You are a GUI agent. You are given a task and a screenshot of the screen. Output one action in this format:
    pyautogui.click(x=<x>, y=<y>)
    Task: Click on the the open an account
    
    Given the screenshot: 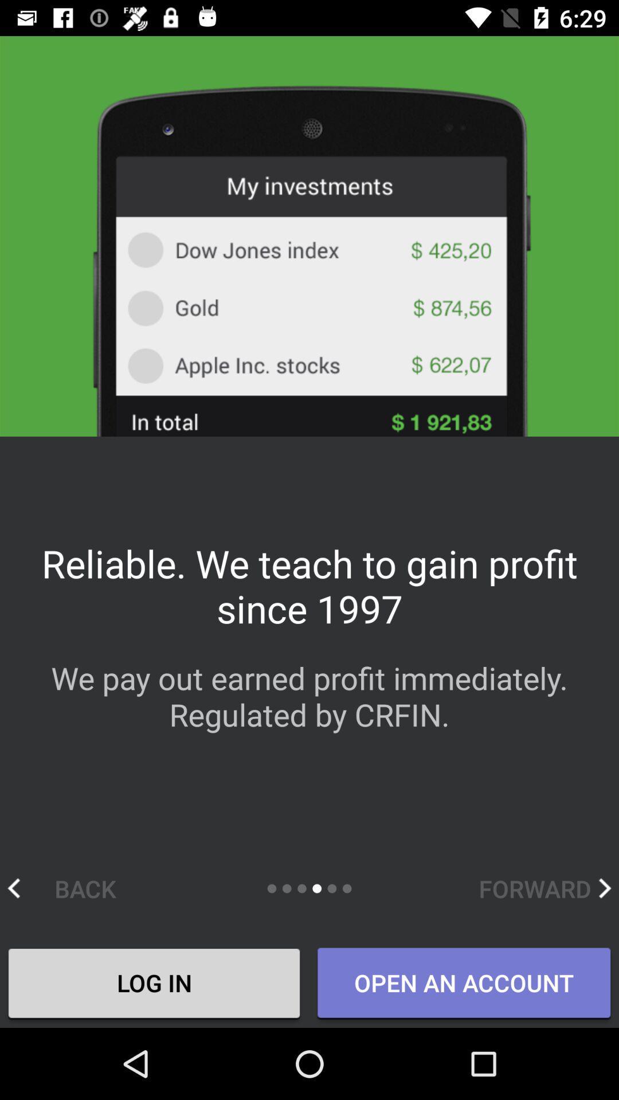 What is the action you would take?
    pyautogui.click(x=463, y=983)
    